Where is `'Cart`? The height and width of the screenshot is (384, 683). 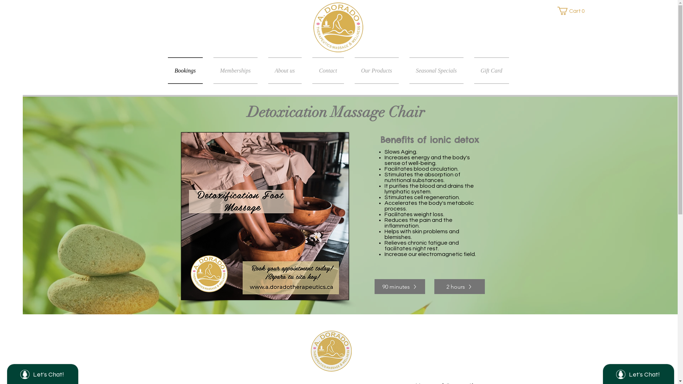 'Cart is located at coordinates (572, 11).